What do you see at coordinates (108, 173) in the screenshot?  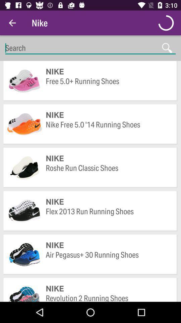 I see `roshe run classic icon` at bounding box center [108, 173].